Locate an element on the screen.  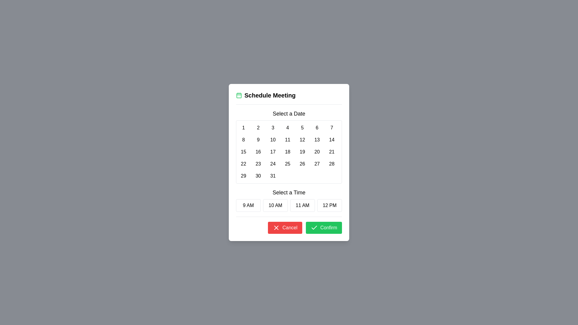
the 'Schedule Meeting' modal dialog to interact with its elements, which includes date and time selection and buttons labeled 'Cancel' and 'Confirm' is located at coordinates (289, 162).